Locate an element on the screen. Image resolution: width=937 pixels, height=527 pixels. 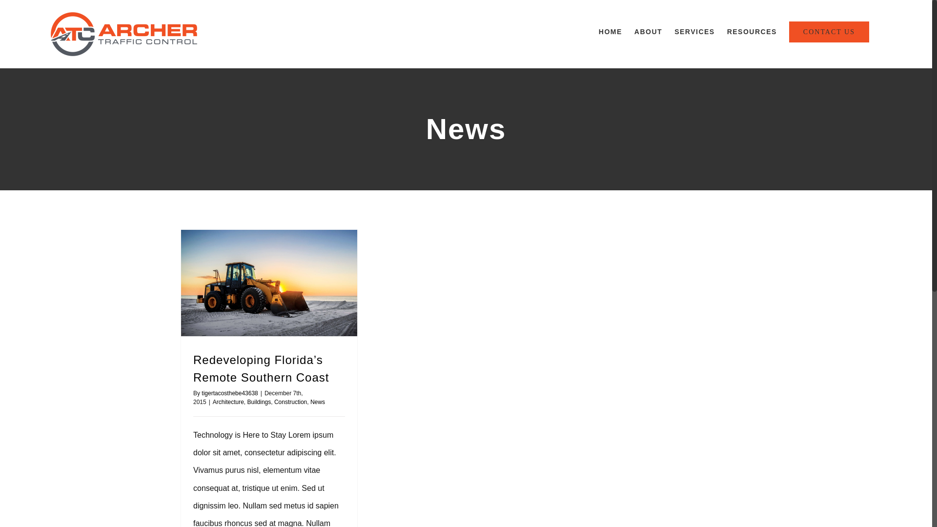
'HOME' is located at coordinates (610, 31).